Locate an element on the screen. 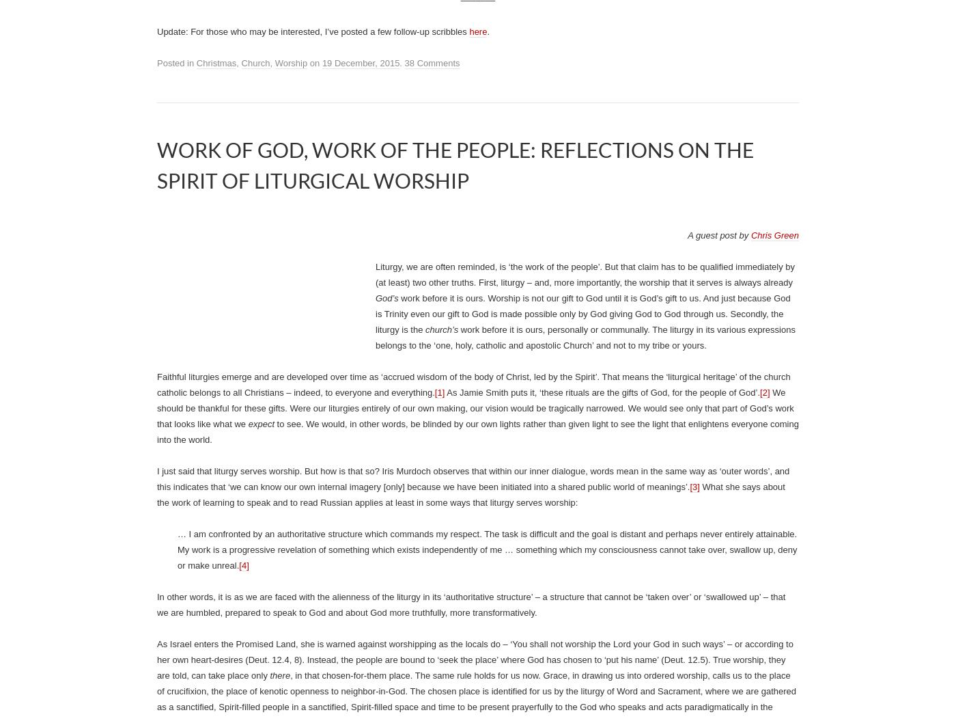  'A guest post by' is located at coordinates (718, 234).